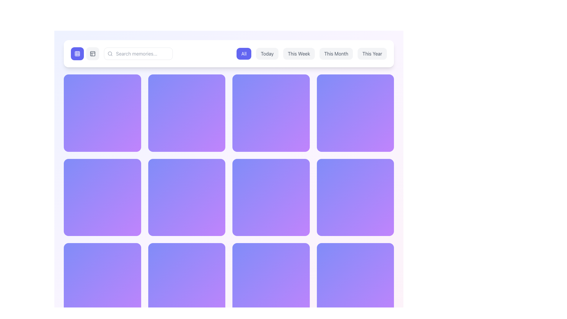  What do you see at coordinates (83, 309) in the screenshot?
I see `displayed texts and icons in the compound UI element at the bottom-left corner of the interface, which includes a date and a count of likes or interactions` at bounding box center [83, 309].